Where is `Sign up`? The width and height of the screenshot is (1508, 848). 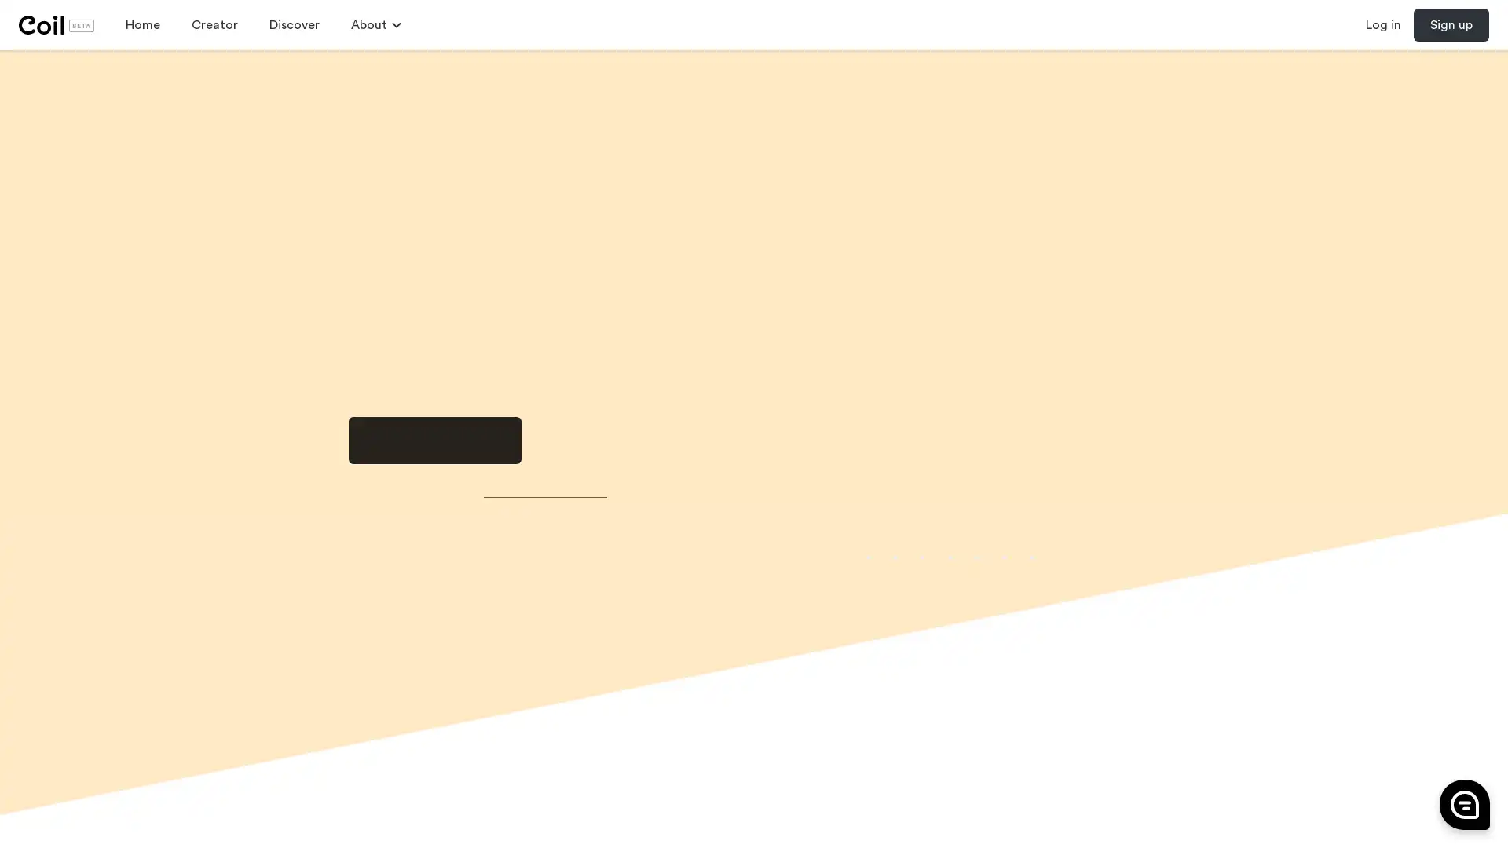
Sign up is located at coordinates (1451, 24).